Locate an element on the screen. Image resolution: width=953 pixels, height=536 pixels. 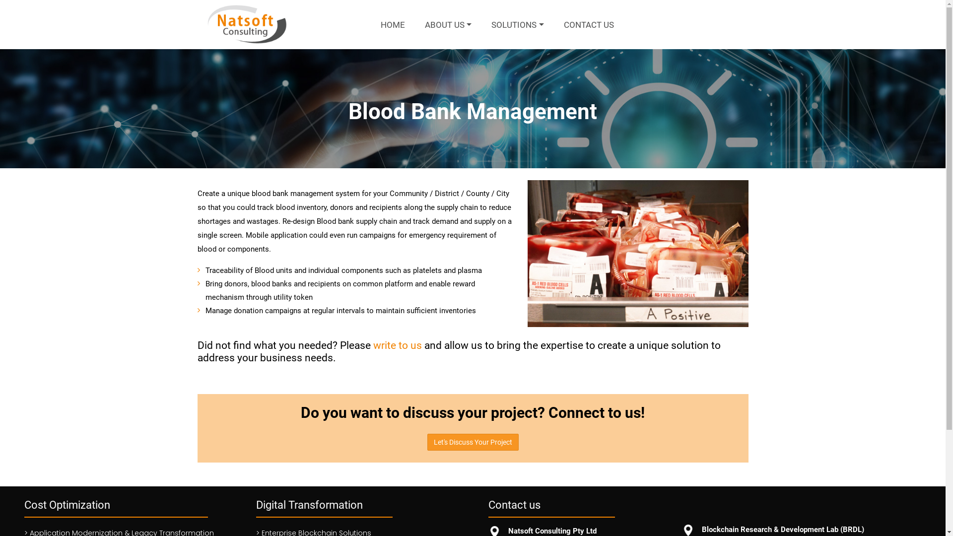
'Let's Discuss Your Project' is located at coordinates (426, 442).